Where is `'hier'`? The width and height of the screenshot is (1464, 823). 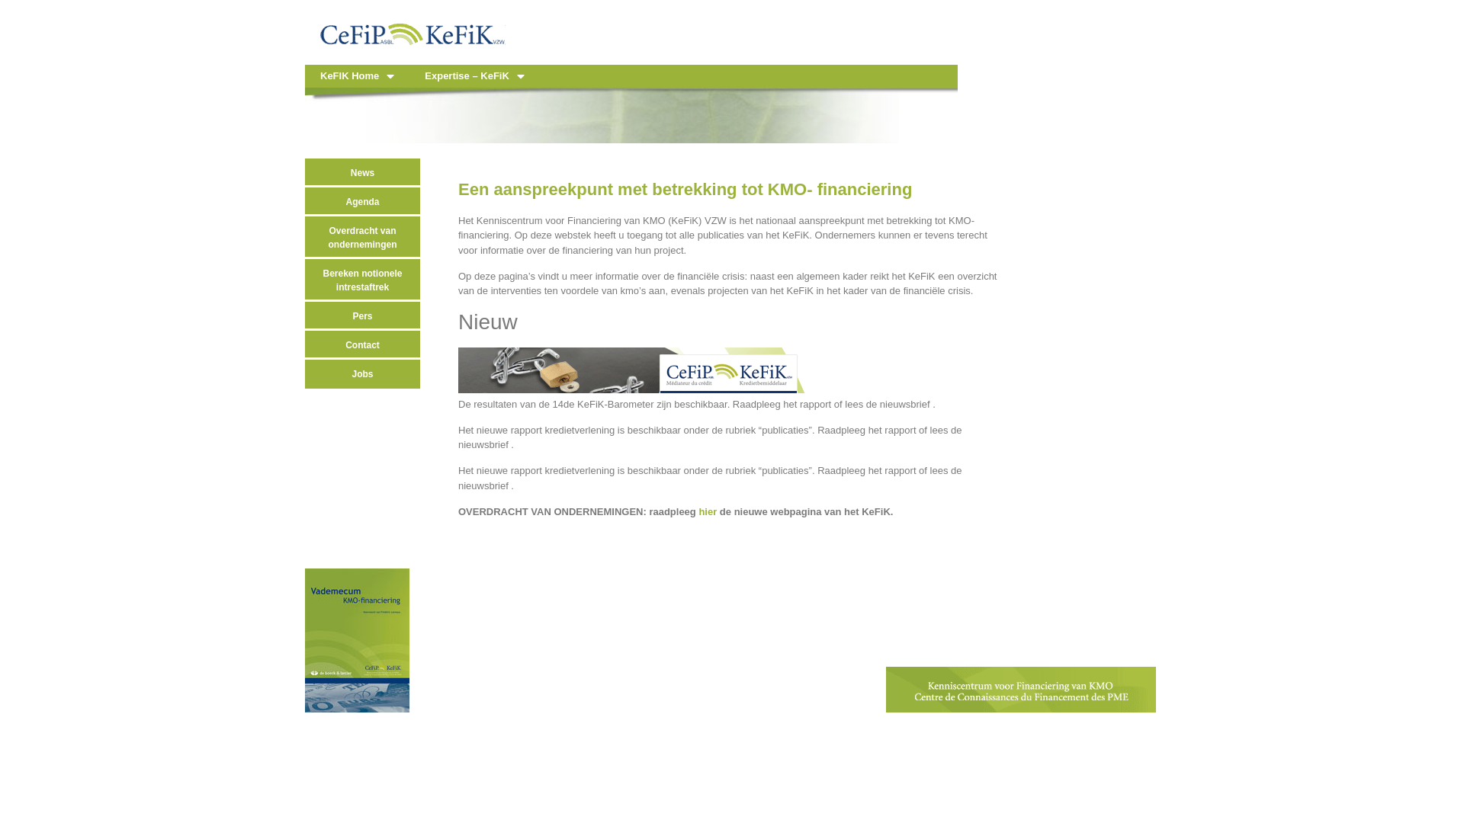 'hier' is located at coordinates (706, 511).